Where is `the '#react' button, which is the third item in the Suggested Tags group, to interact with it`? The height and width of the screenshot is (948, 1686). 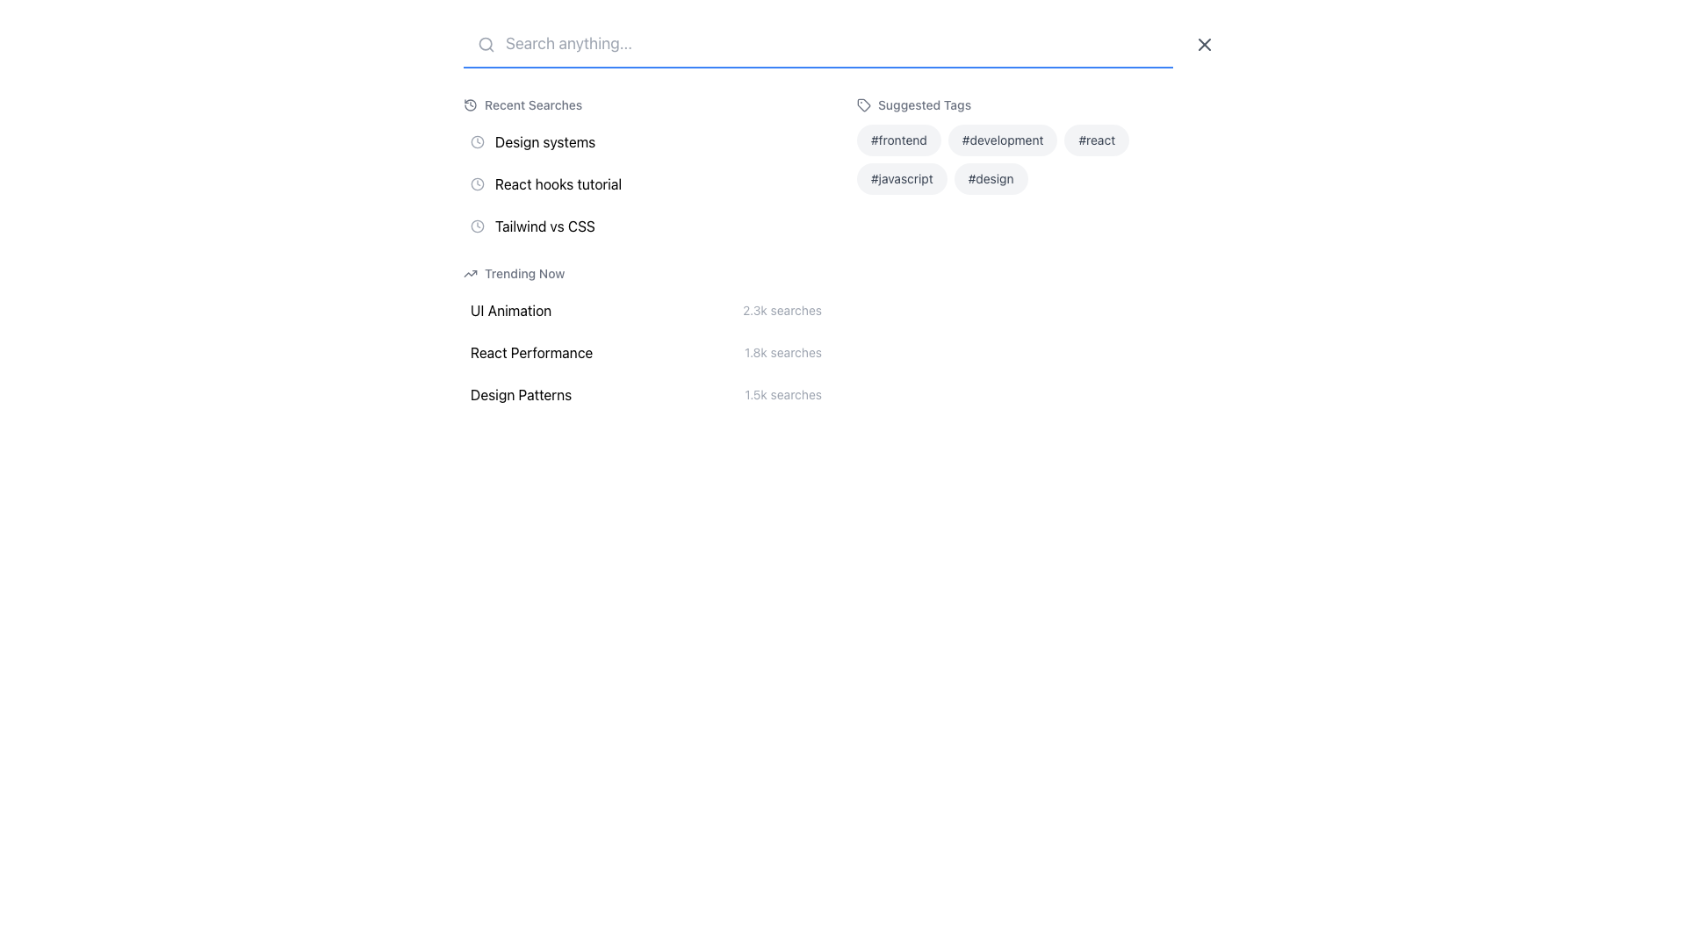 the '#react' button, which is the third item in the Suggested Tags group, to interact with it is located at coordinates (1096, 139).